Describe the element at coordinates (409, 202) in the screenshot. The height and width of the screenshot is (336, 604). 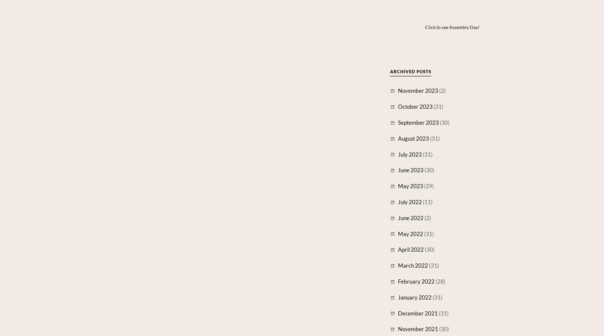
I see `'July 2022'` at that location.